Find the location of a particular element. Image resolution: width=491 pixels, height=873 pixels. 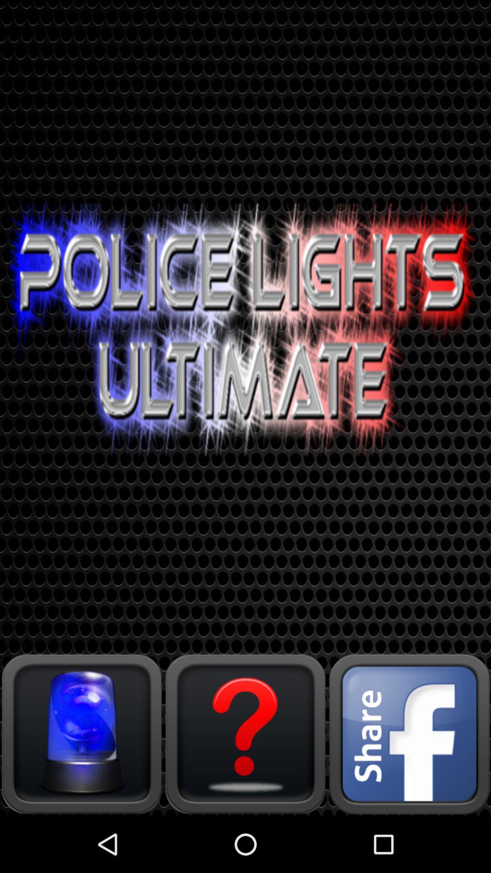

share facebook is located at coordinates (408, 733).